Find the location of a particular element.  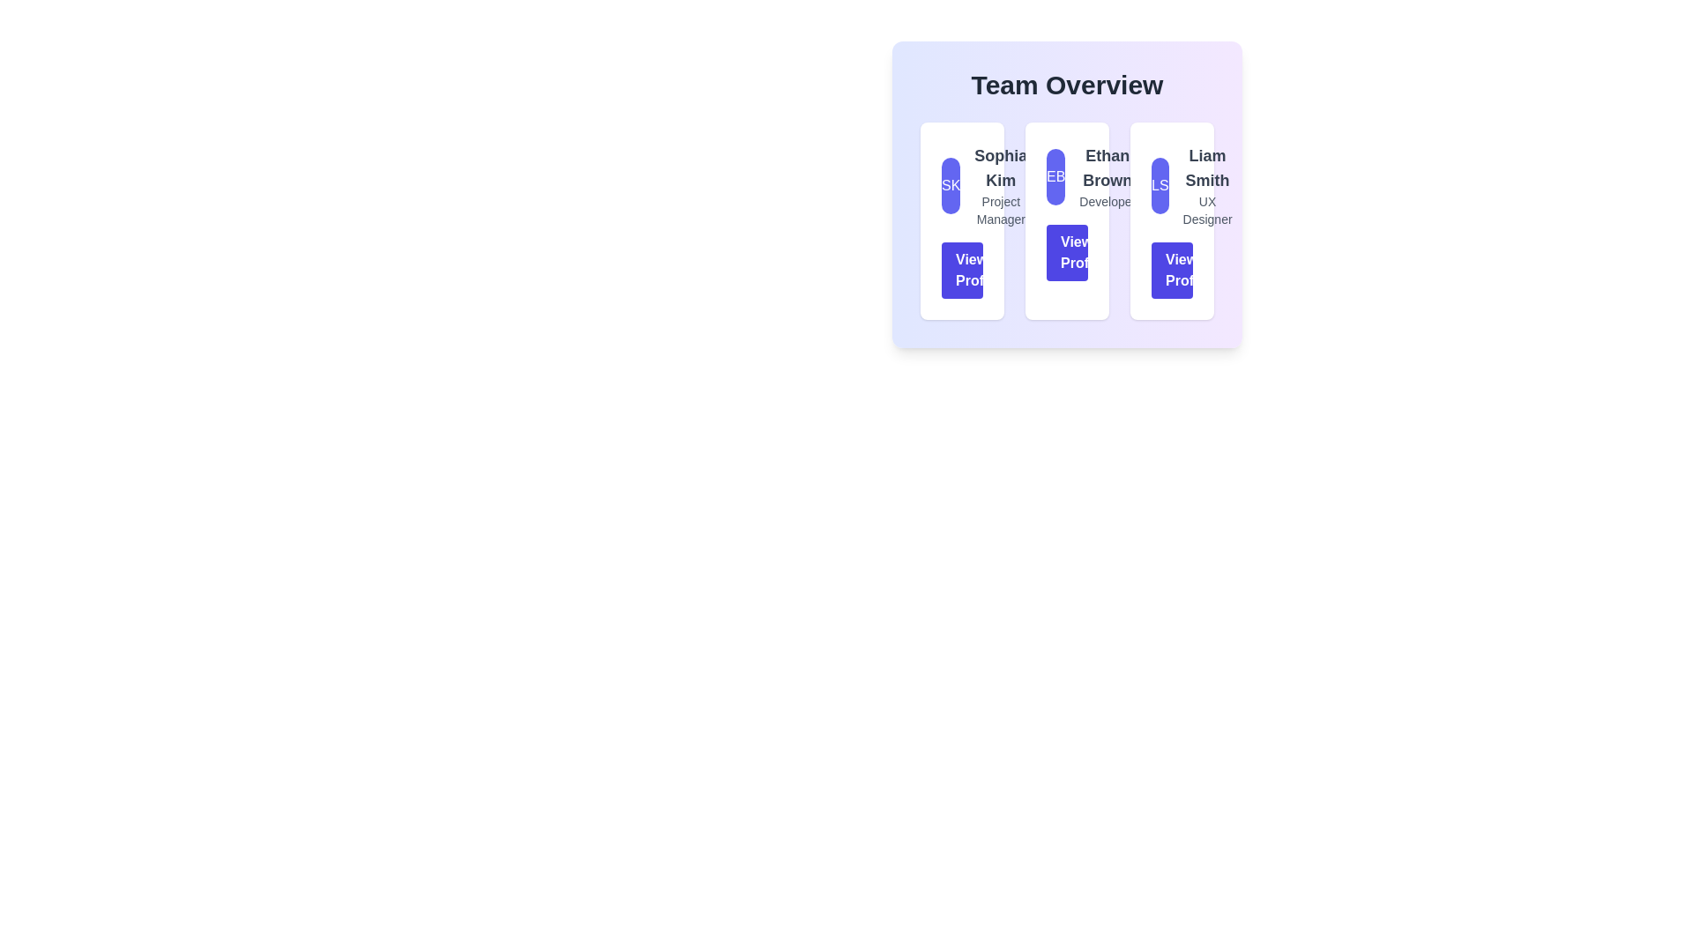

the button at the bottom of Liam Smith's card is located at coordinates (1172, 271).